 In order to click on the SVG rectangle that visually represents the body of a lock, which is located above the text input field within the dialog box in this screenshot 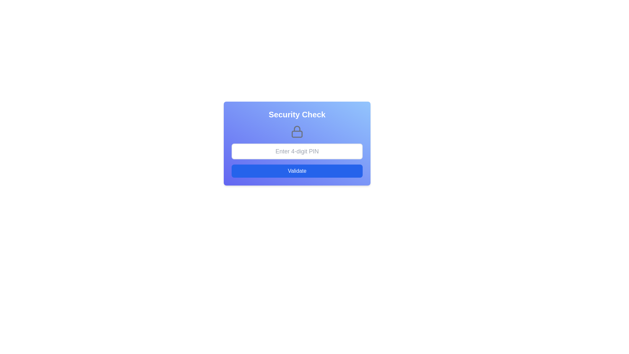, I will do `click(297, 134)`.